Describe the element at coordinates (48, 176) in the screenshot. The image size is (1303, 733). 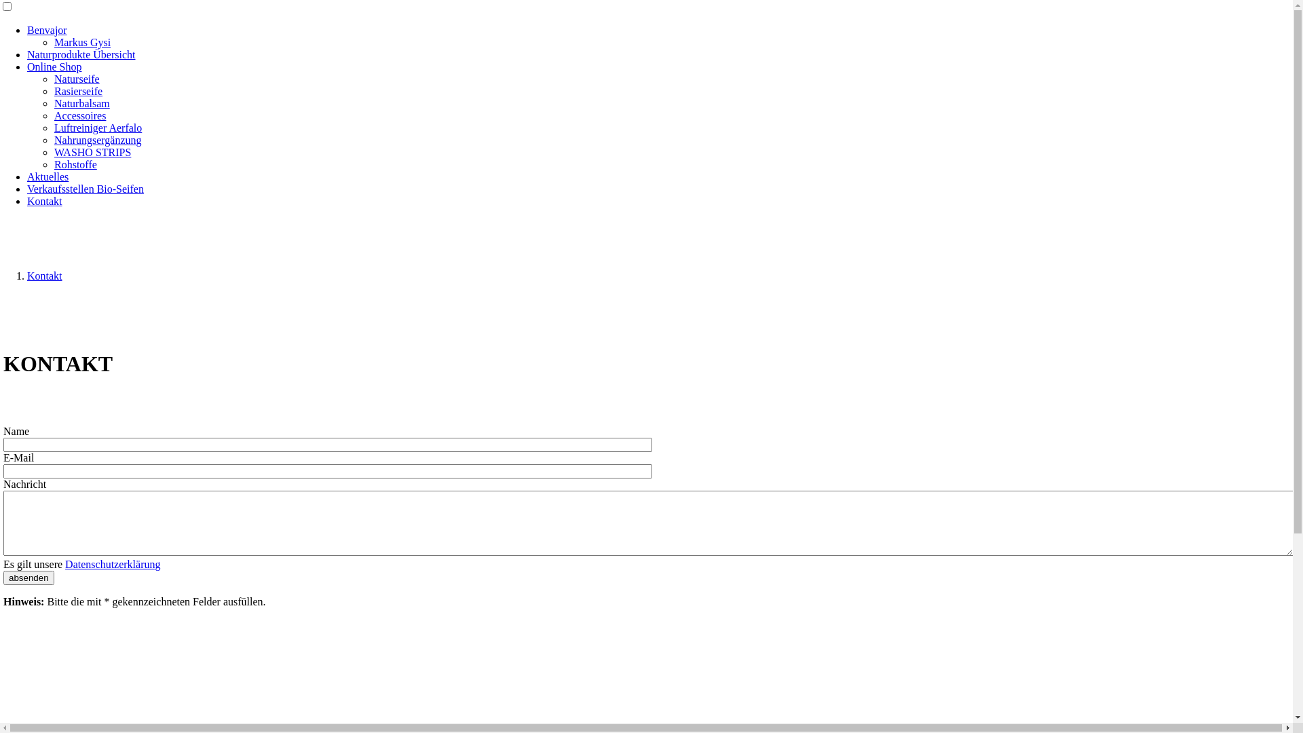
I see `'Aktuelles'` at that location.